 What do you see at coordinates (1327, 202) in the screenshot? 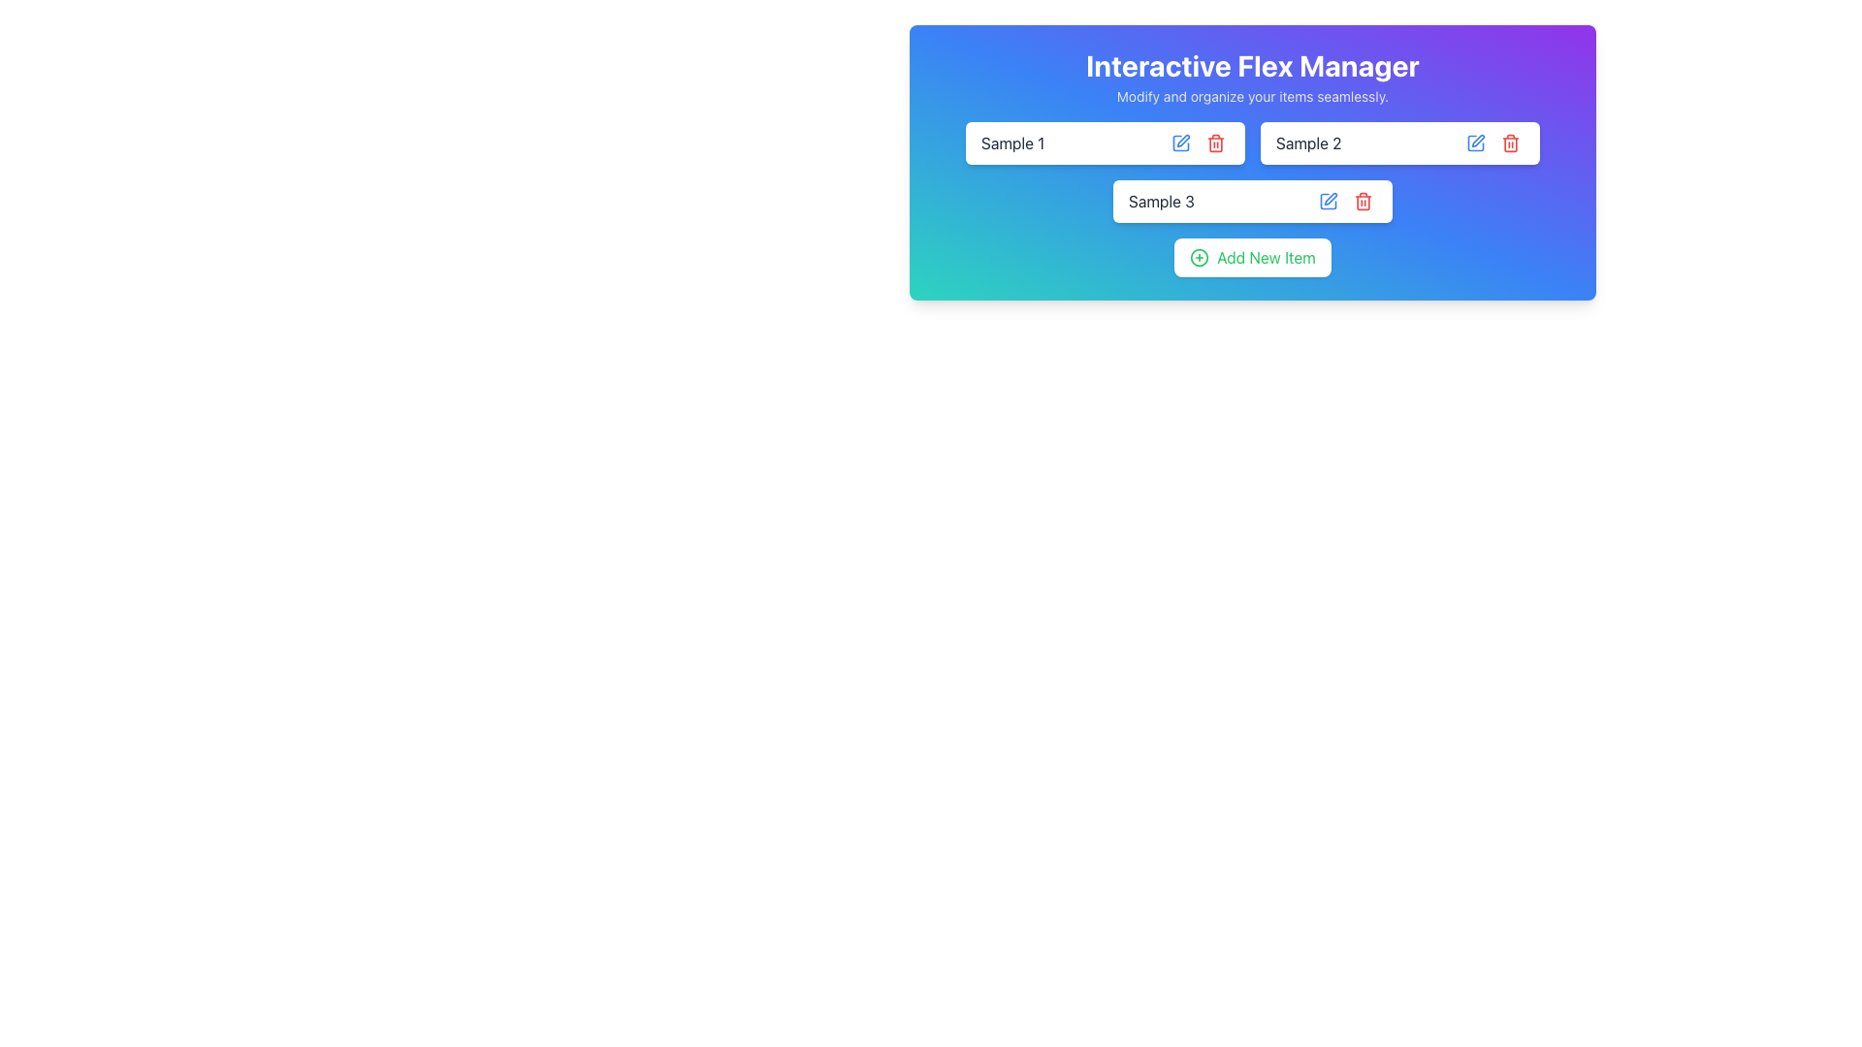
I see `the 'Edit' button icon located within the third row labeled 'Sample 3'` at bounding box center [1327, 202].